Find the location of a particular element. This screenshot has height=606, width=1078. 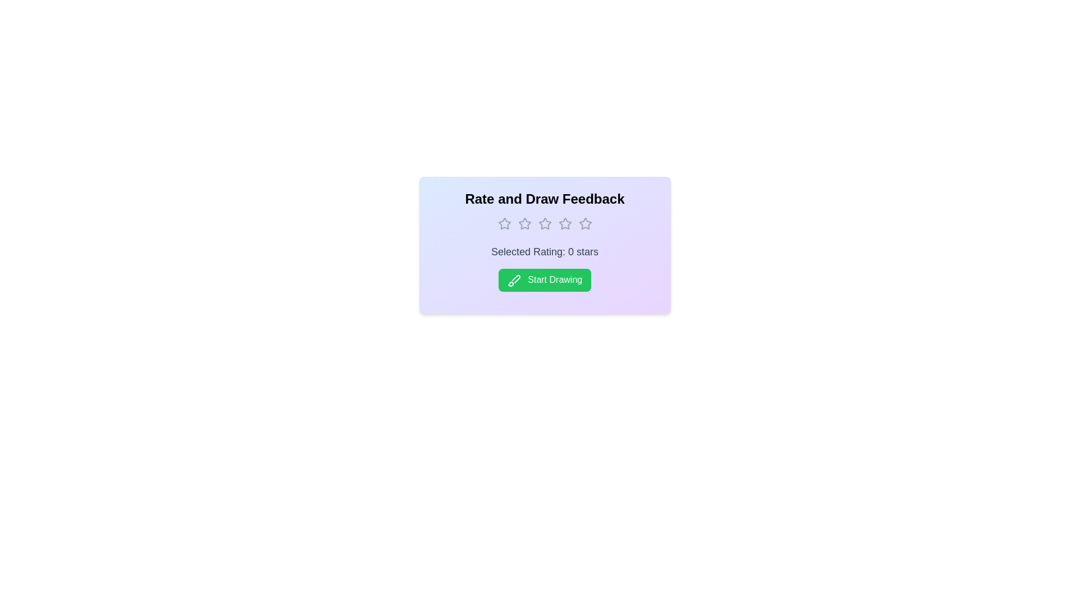

the rating to 2 stars by clicking on the corresponding star is located at coordinates (524, 223).